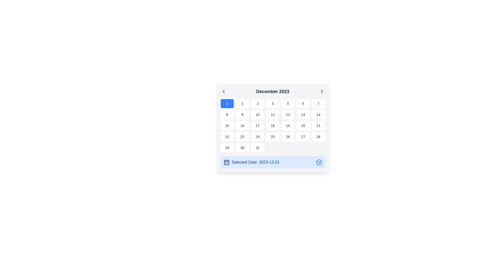  Describe the element at coordinates (288, 114) in the screenshot. I see `the button displaying the number '12' with a white background and gray text color, which is located in the second row and fifth column of the grid layout` at that location.